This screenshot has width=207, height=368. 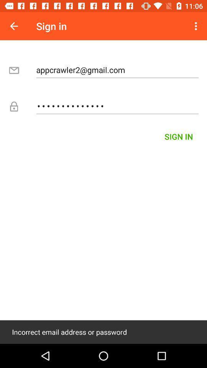 What do you see at coordinates (197, 26) in the screenshot?
I see `icon next to sign in` at bounding box center [197, 26].